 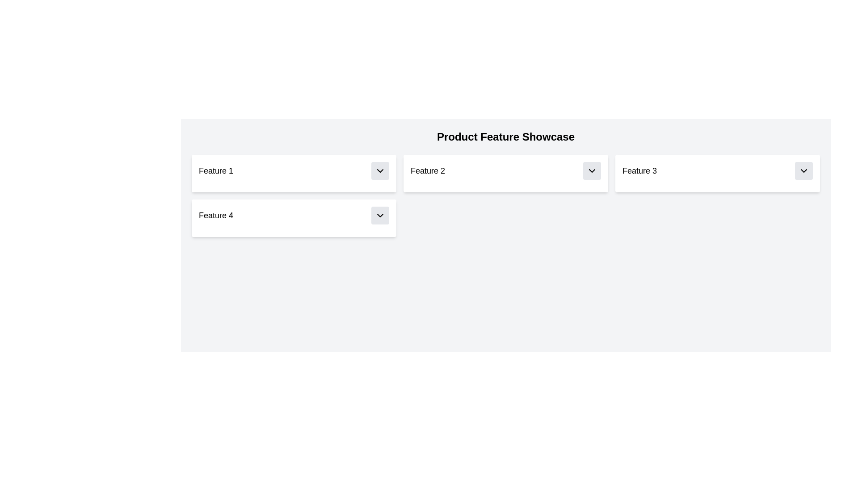 I want to click on the button with a downward-facing chevron icon, styled with a gray background and rounded corners for keyboard navigation, so click(x=592, y=170).